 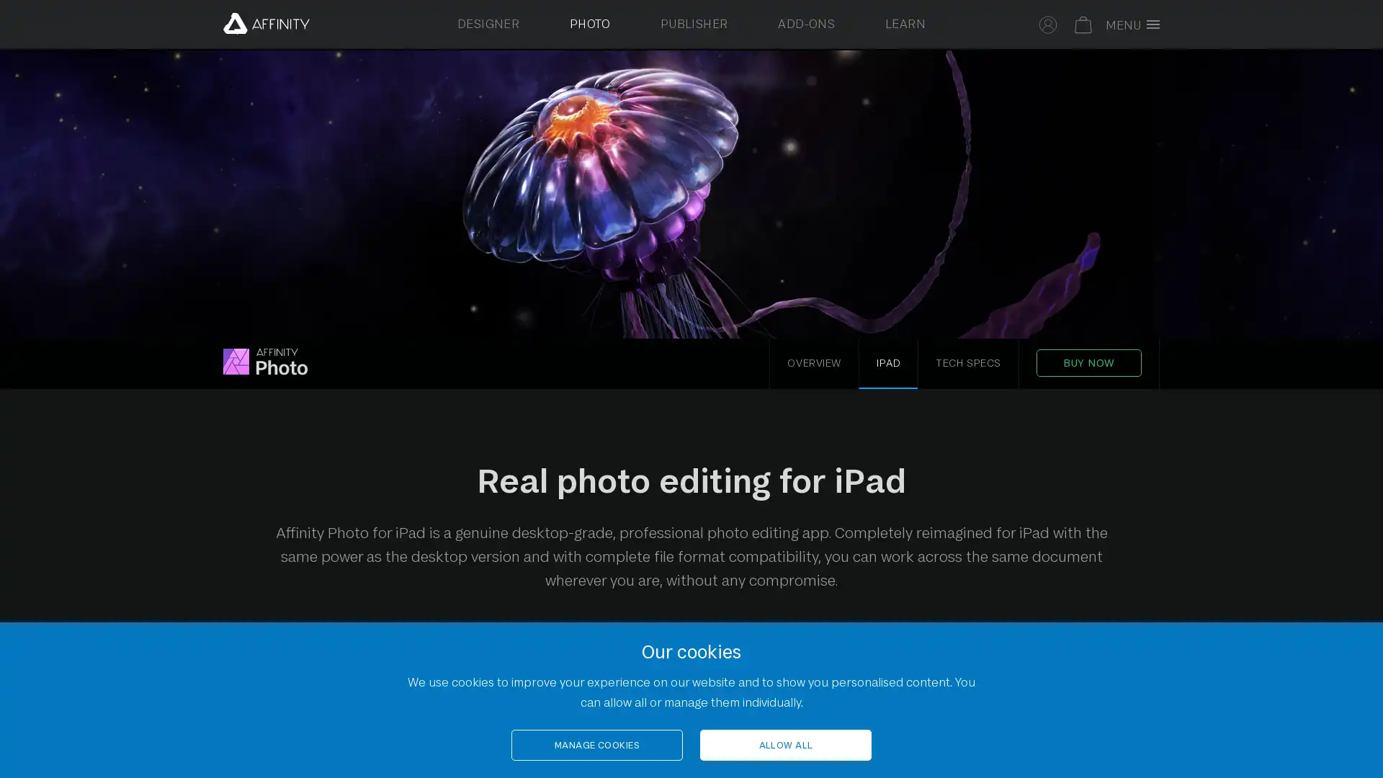 What do you see at coordinates (1048, 22) in the screenshot?
I see `Select to sign in to your Affinity account` at bounding box center [1048, 22].